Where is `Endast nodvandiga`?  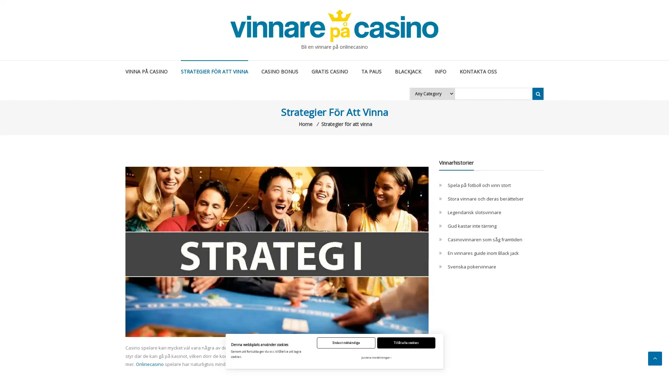 Endast nodvandiga is located at coordinates (346, 342).